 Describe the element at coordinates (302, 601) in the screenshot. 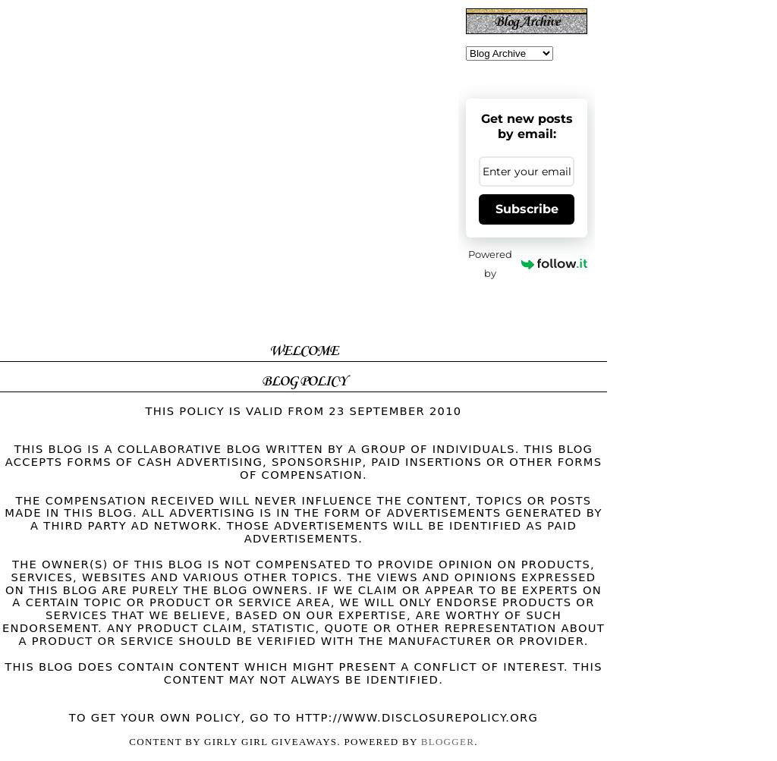

I see `'The owner(s) of this blog is not compensated to provide opinion on products, services, websites and various other topics. The views and opinions expressed on this blog are purely the blog owners. If we claim or appear to be experts on a certain topic or product or service area, we will only endorse products or services that we believe, based on our expertise, are worthy of such endorsement. Any product claim, statistic, quote or other representation about a product or service should be verified with the manufacturer or provider.'` at that location.